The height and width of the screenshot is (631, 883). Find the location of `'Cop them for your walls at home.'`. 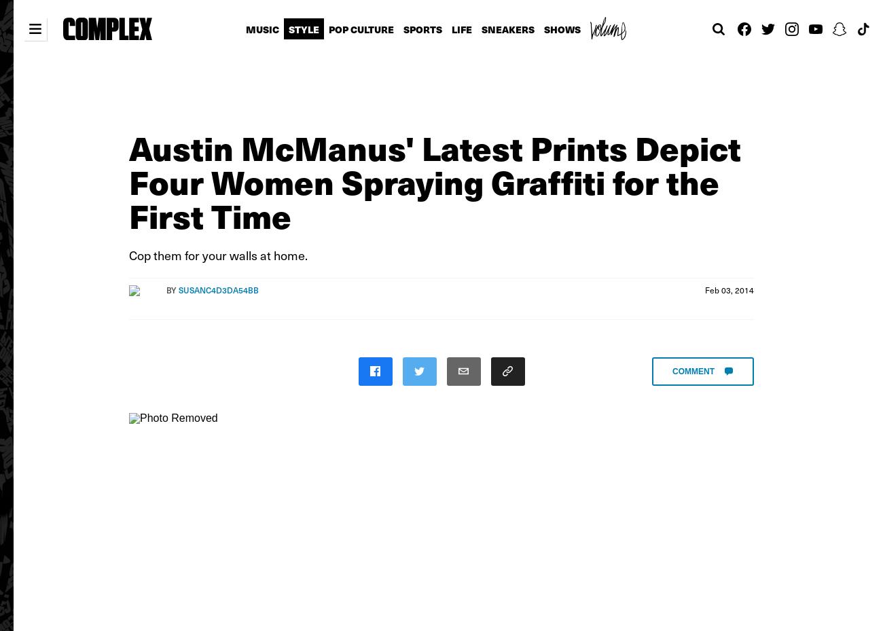

'Cop them for your walls at home.' is located at coordinates (218, 253).